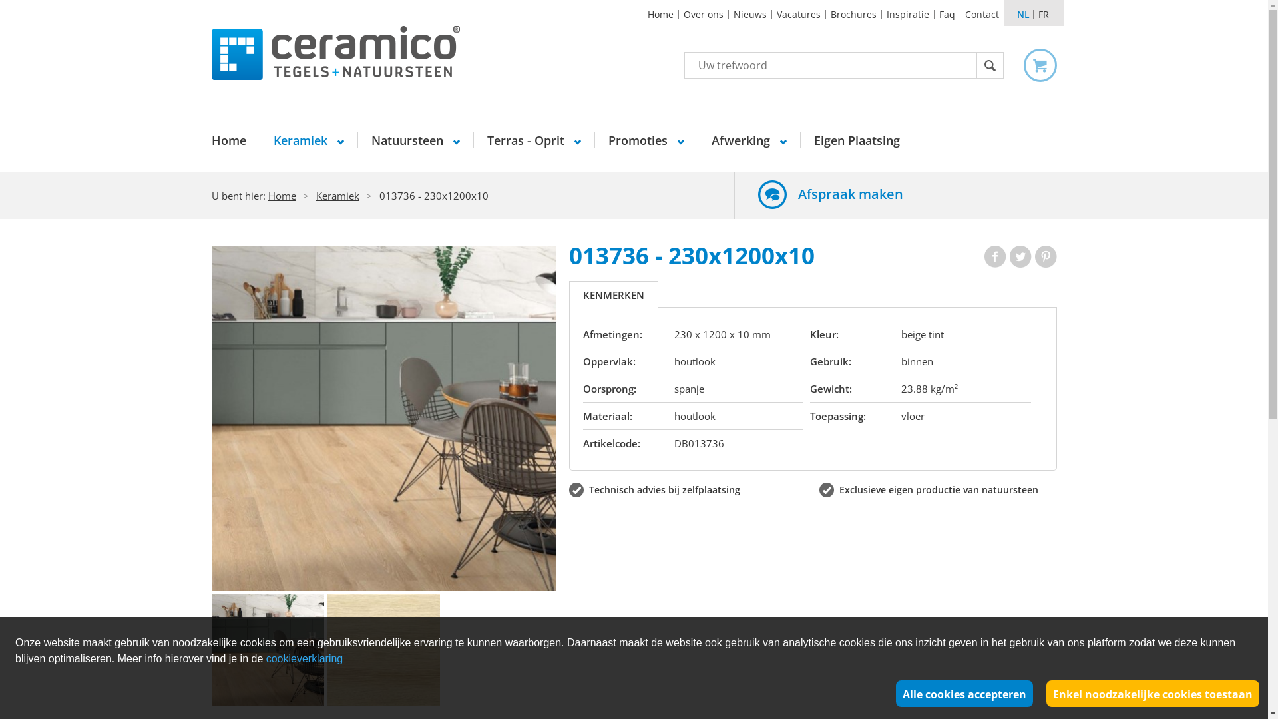 The height and width of the screenshot is (719, 1278). What do you see at coordinates (799, 14) in the screenshot?
I see `'Vacatures'` at bounding box center [799, 14].